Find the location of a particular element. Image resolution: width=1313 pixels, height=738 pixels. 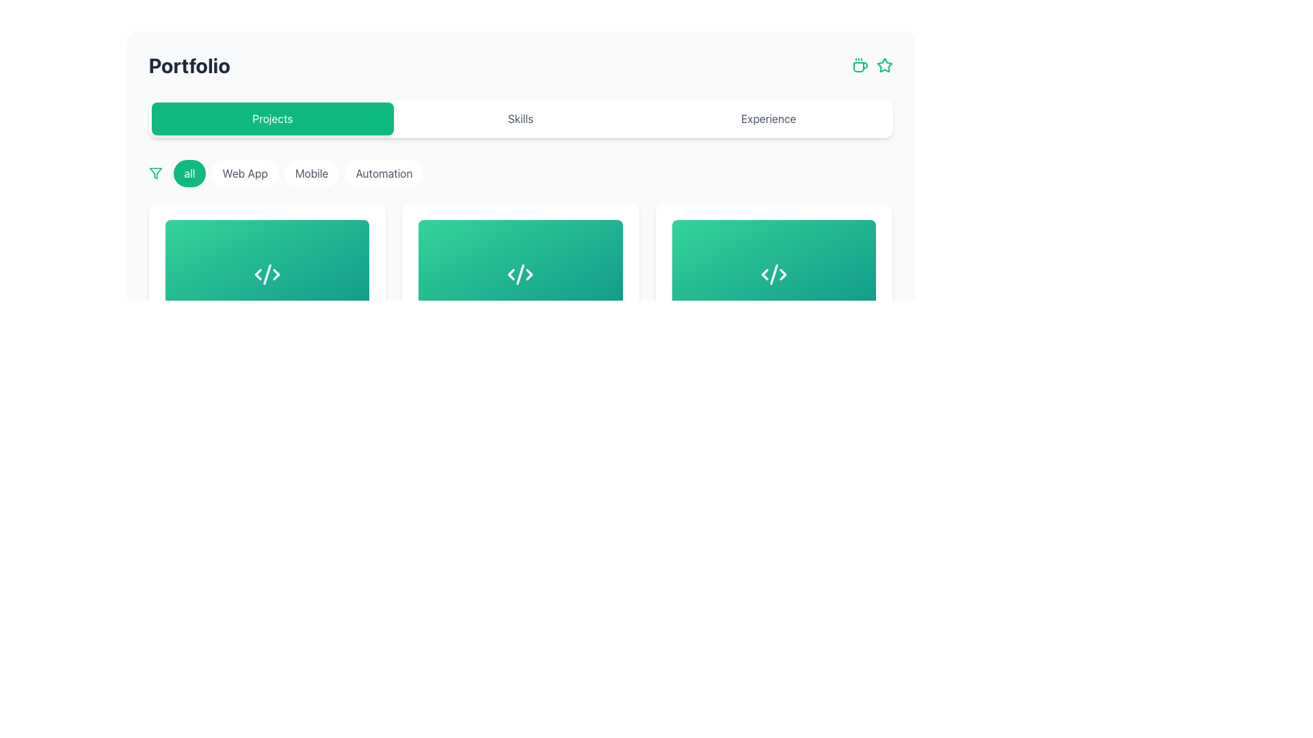

the card component that contains the right-pointing arrow icon, which is the last of three sibling elements within an SVG group is located at coordinates (276, 274).